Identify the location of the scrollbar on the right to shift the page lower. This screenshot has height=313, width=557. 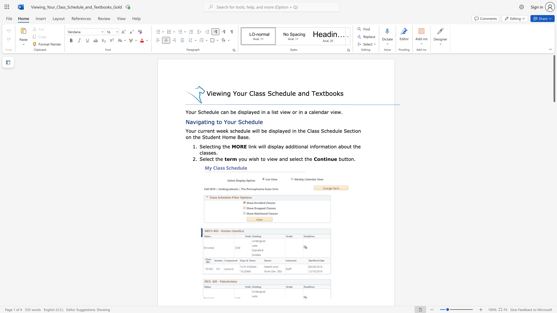
(554, 249).